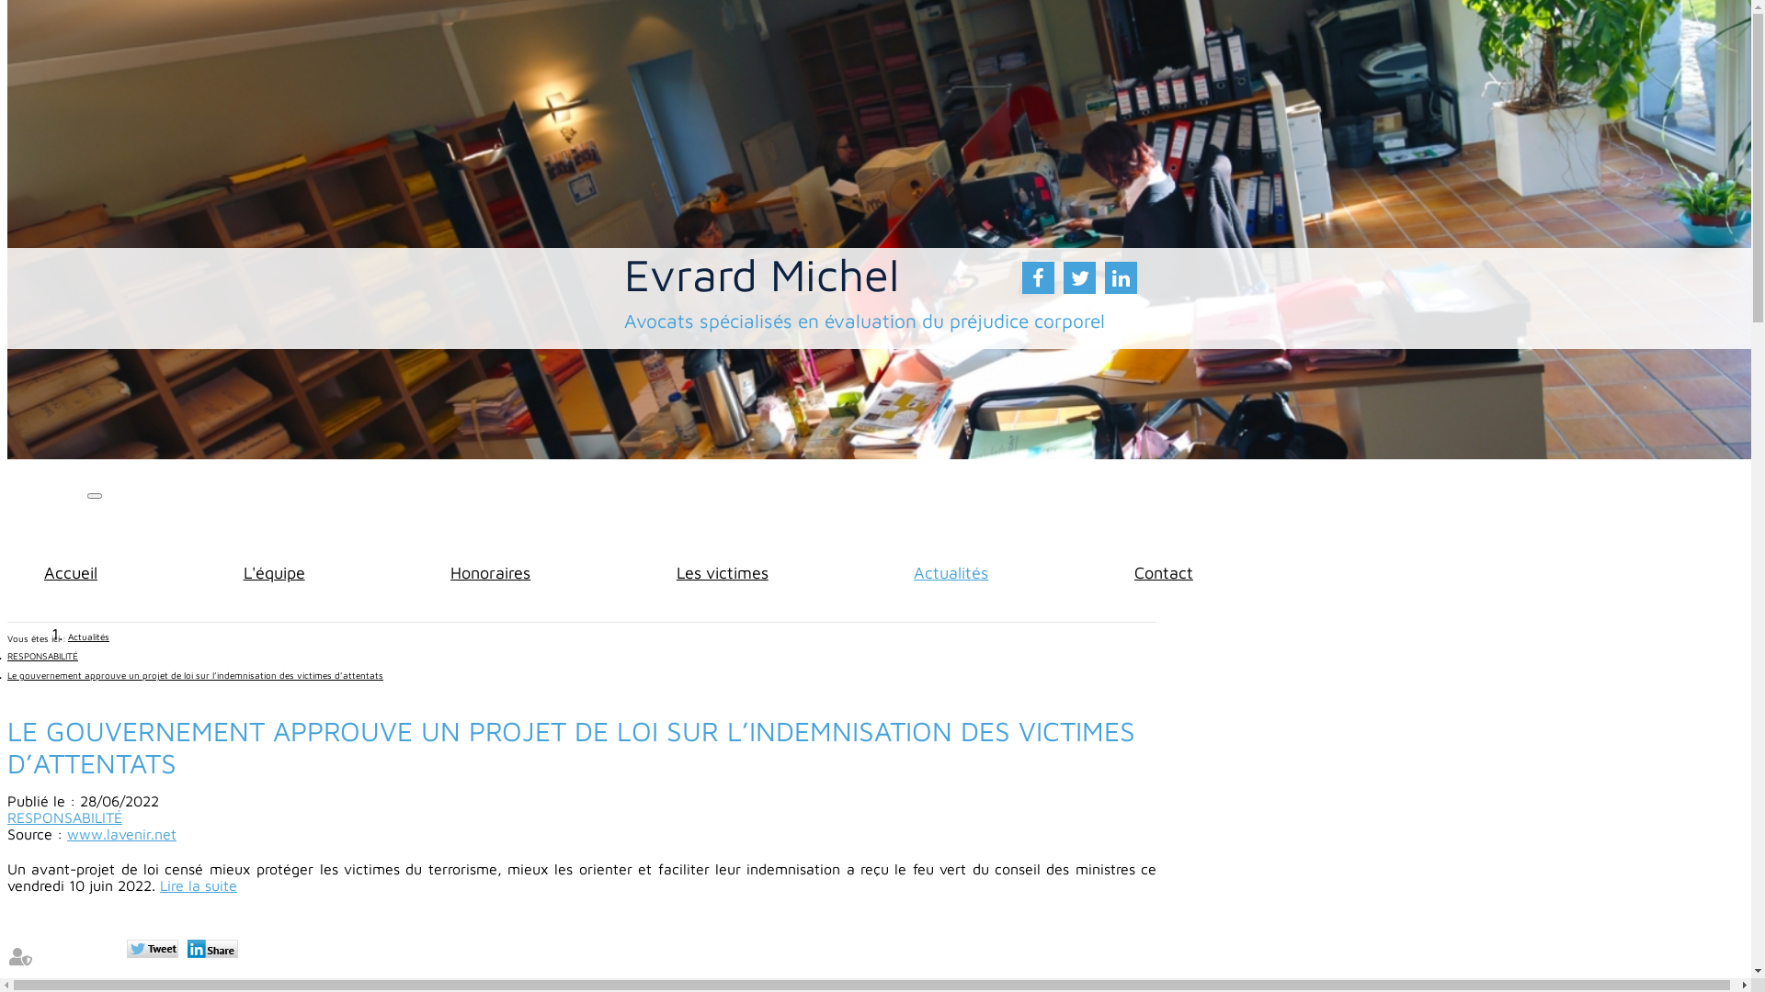  Describe the element at coordinates (159, 885) in the screenshot. I see `'Lire la suite'` at that location.